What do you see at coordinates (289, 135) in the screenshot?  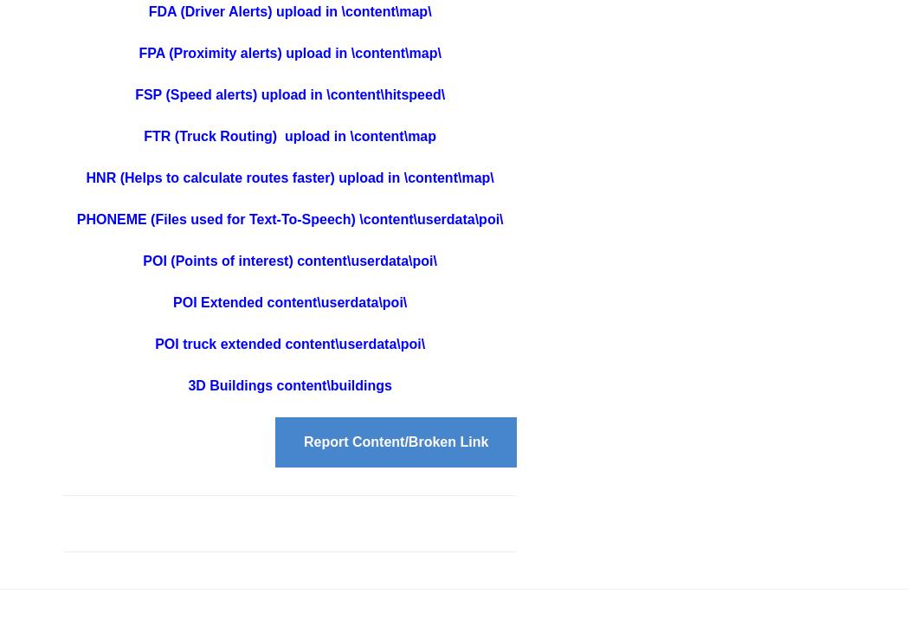 I see `'FTR (Truck Routing)  upload in \content\map'` at bounding box center [289, 135].